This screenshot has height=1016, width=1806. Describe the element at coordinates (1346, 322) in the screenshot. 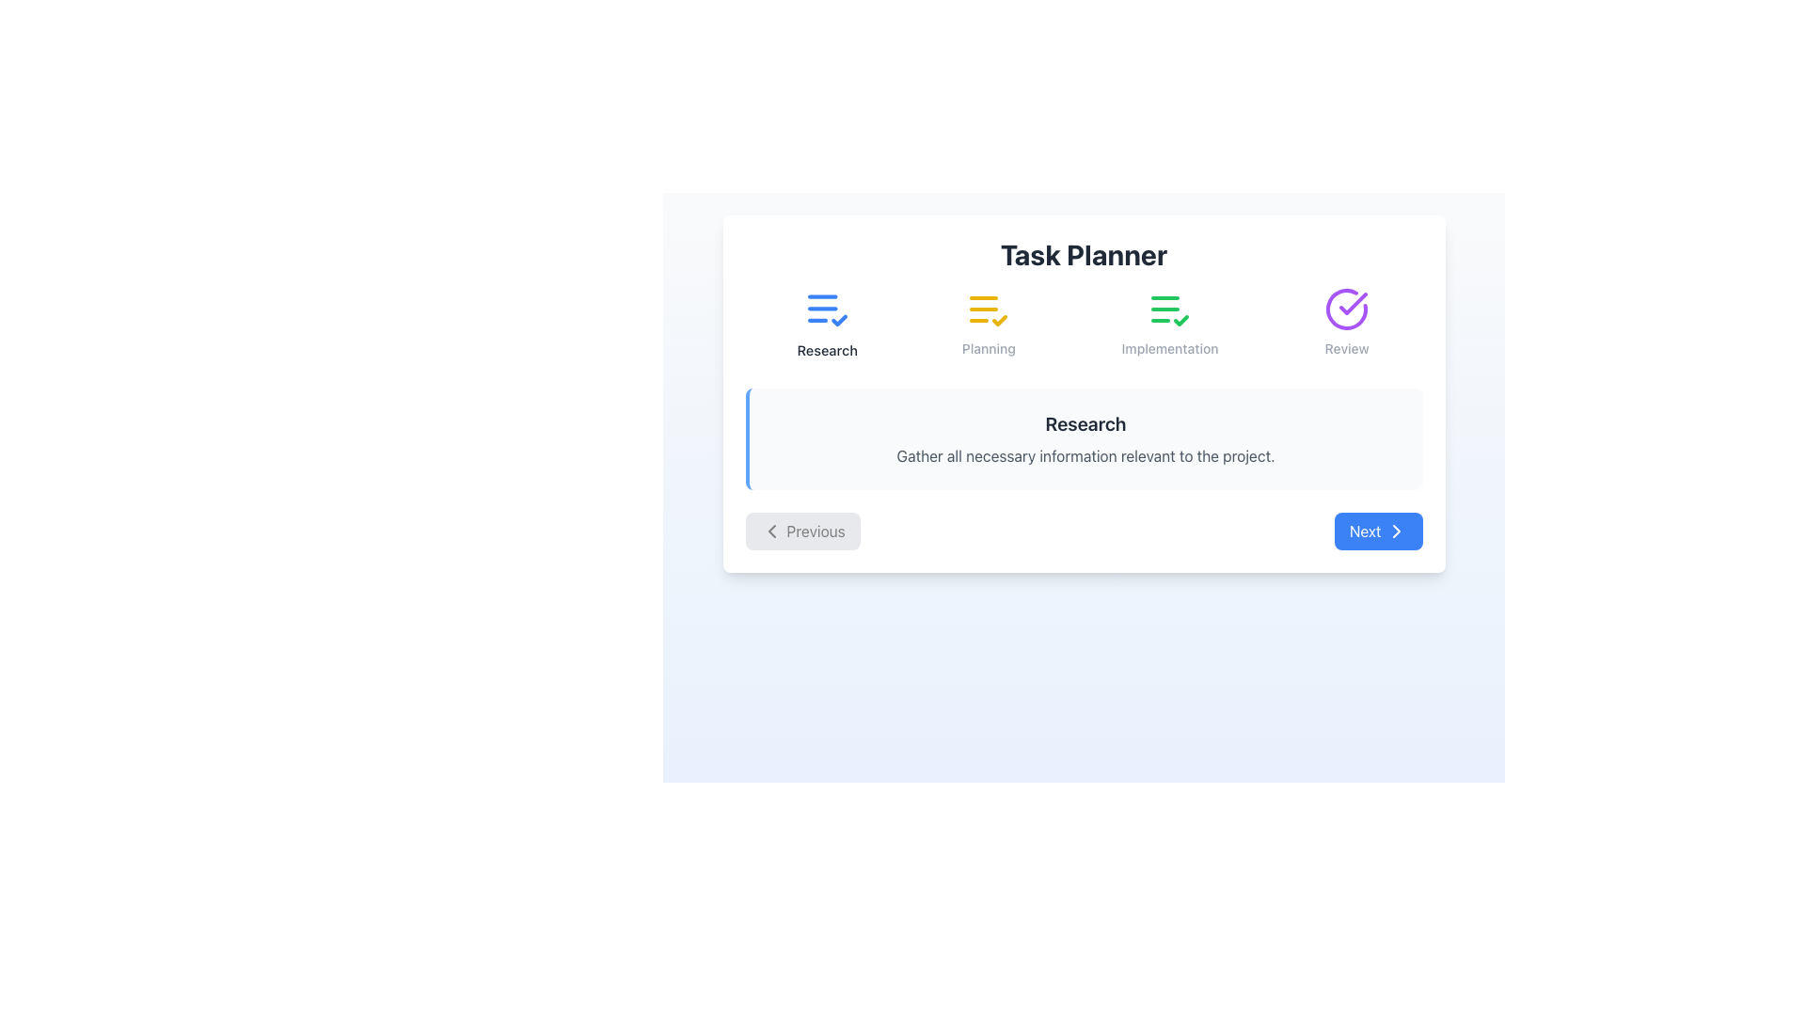

I see `the 'Review' status indicator, the fourth item in a horizontal group of labeled icons within the header section of the interface` at that location.